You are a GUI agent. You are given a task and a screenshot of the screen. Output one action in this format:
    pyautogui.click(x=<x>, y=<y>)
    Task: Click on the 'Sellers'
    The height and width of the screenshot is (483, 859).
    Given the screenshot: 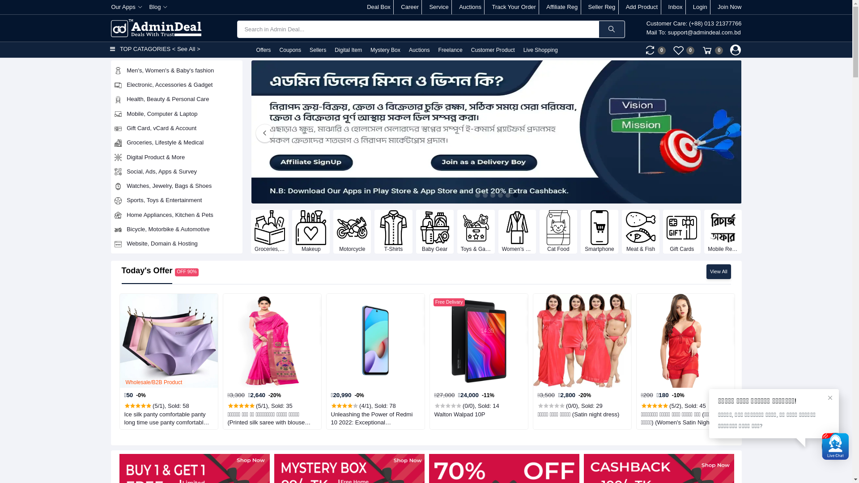 What is the action you would take?
    pyautogui.click(x=318, y=50)
    